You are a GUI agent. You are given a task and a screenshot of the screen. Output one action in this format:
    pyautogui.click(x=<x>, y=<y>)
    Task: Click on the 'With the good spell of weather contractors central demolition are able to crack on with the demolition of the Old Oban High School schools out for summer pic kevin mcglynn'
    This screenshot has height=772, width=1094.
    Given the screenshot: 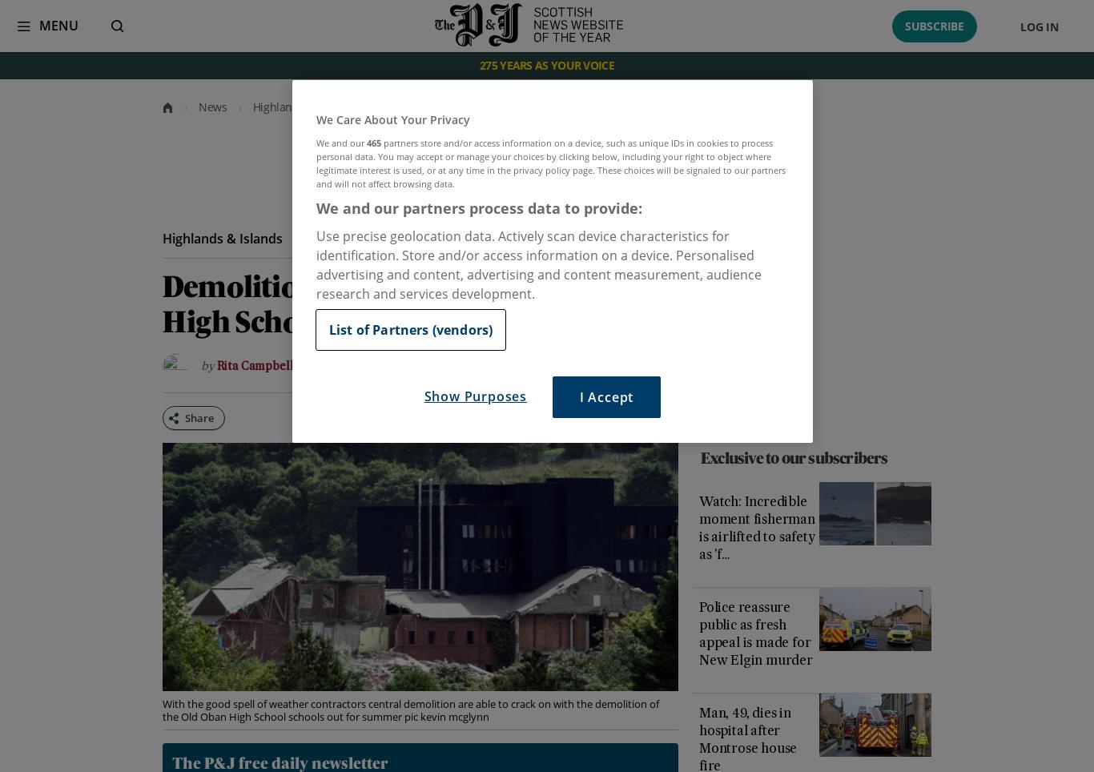 What is the action you would take?
    pyautogui.click(x=409, y=709)
    